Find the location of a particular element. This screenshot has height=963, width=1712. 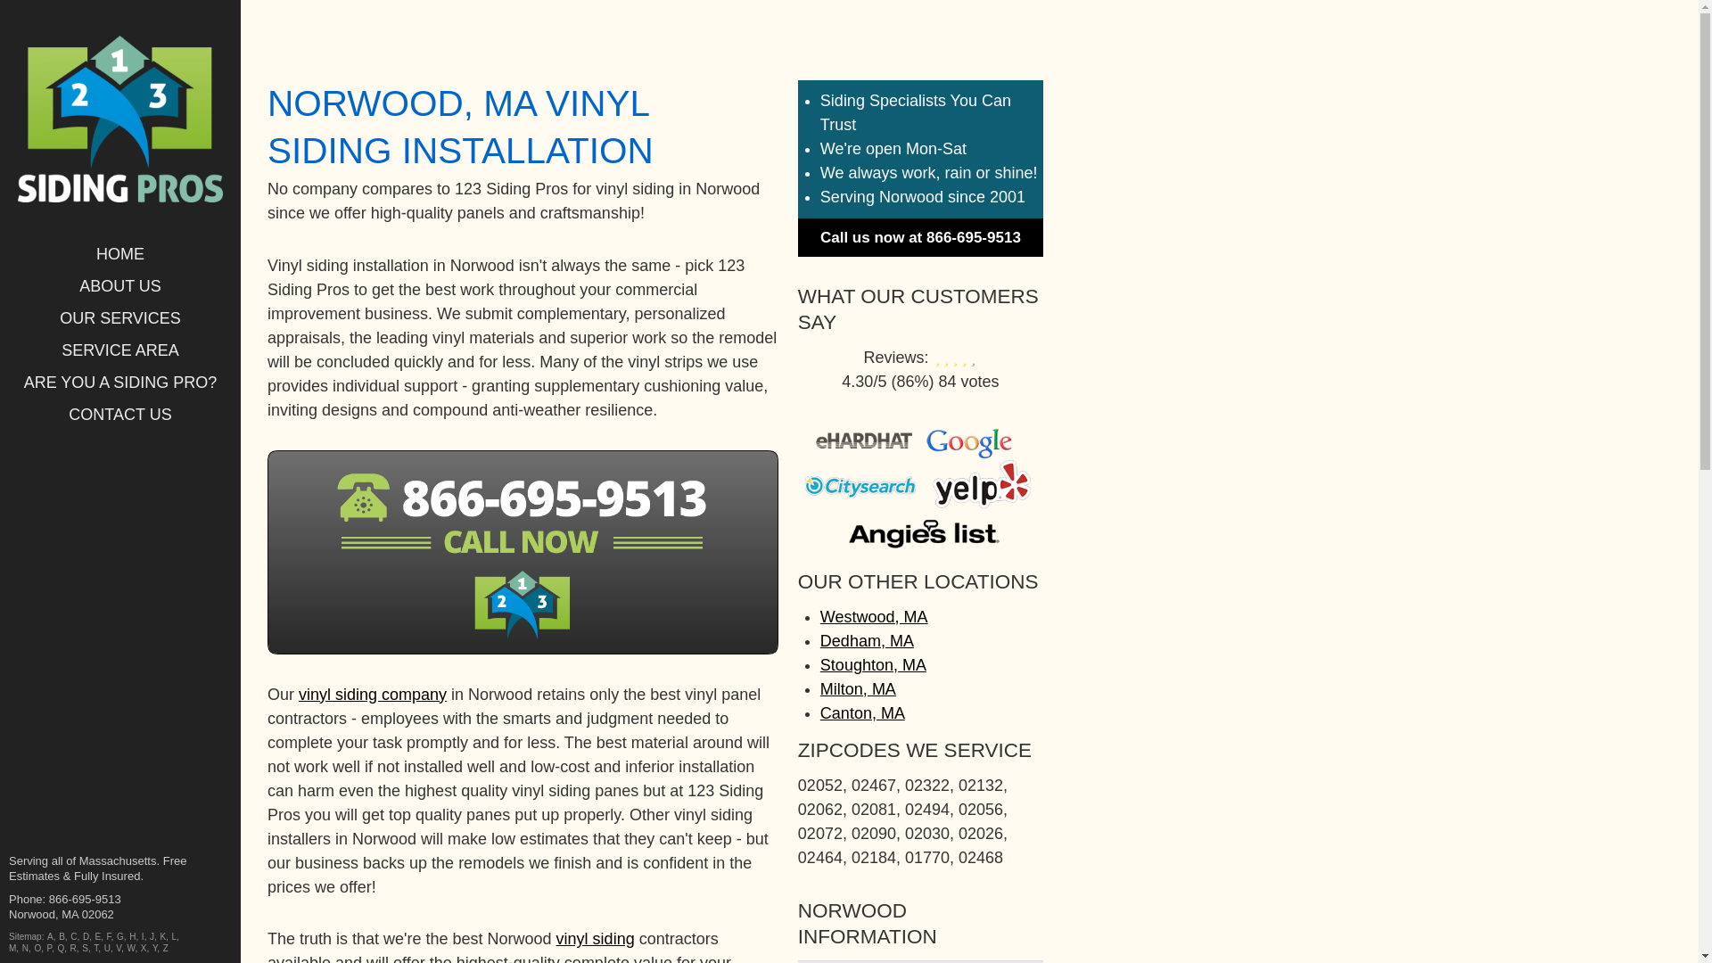

'N' is located at coordinates (25, 947).